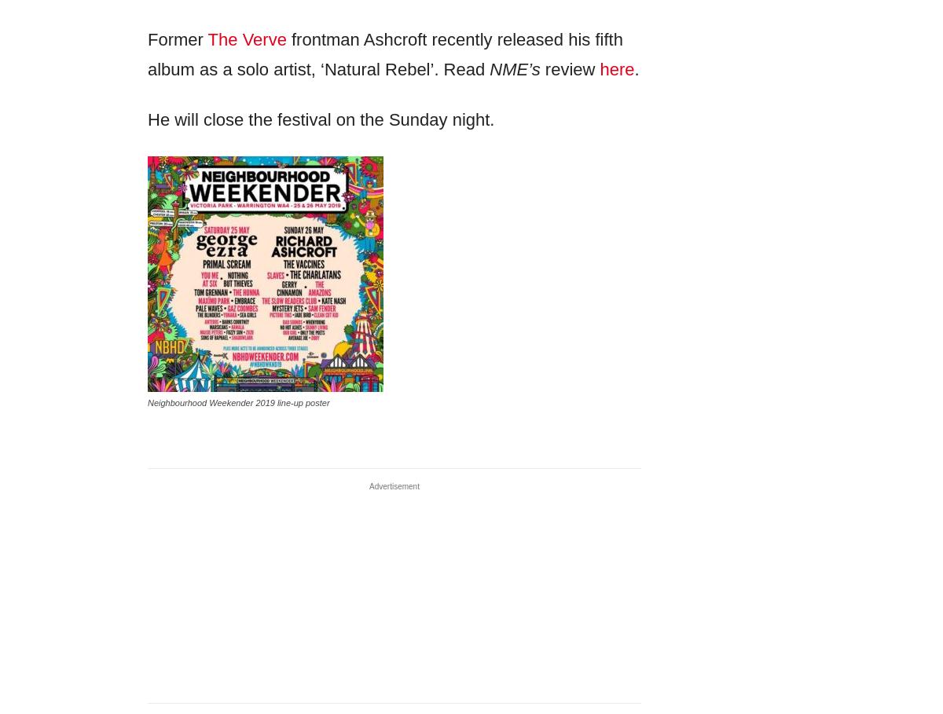 This screenshot has height=714, width=943. I want to click on 'Former', so click(176, 38).